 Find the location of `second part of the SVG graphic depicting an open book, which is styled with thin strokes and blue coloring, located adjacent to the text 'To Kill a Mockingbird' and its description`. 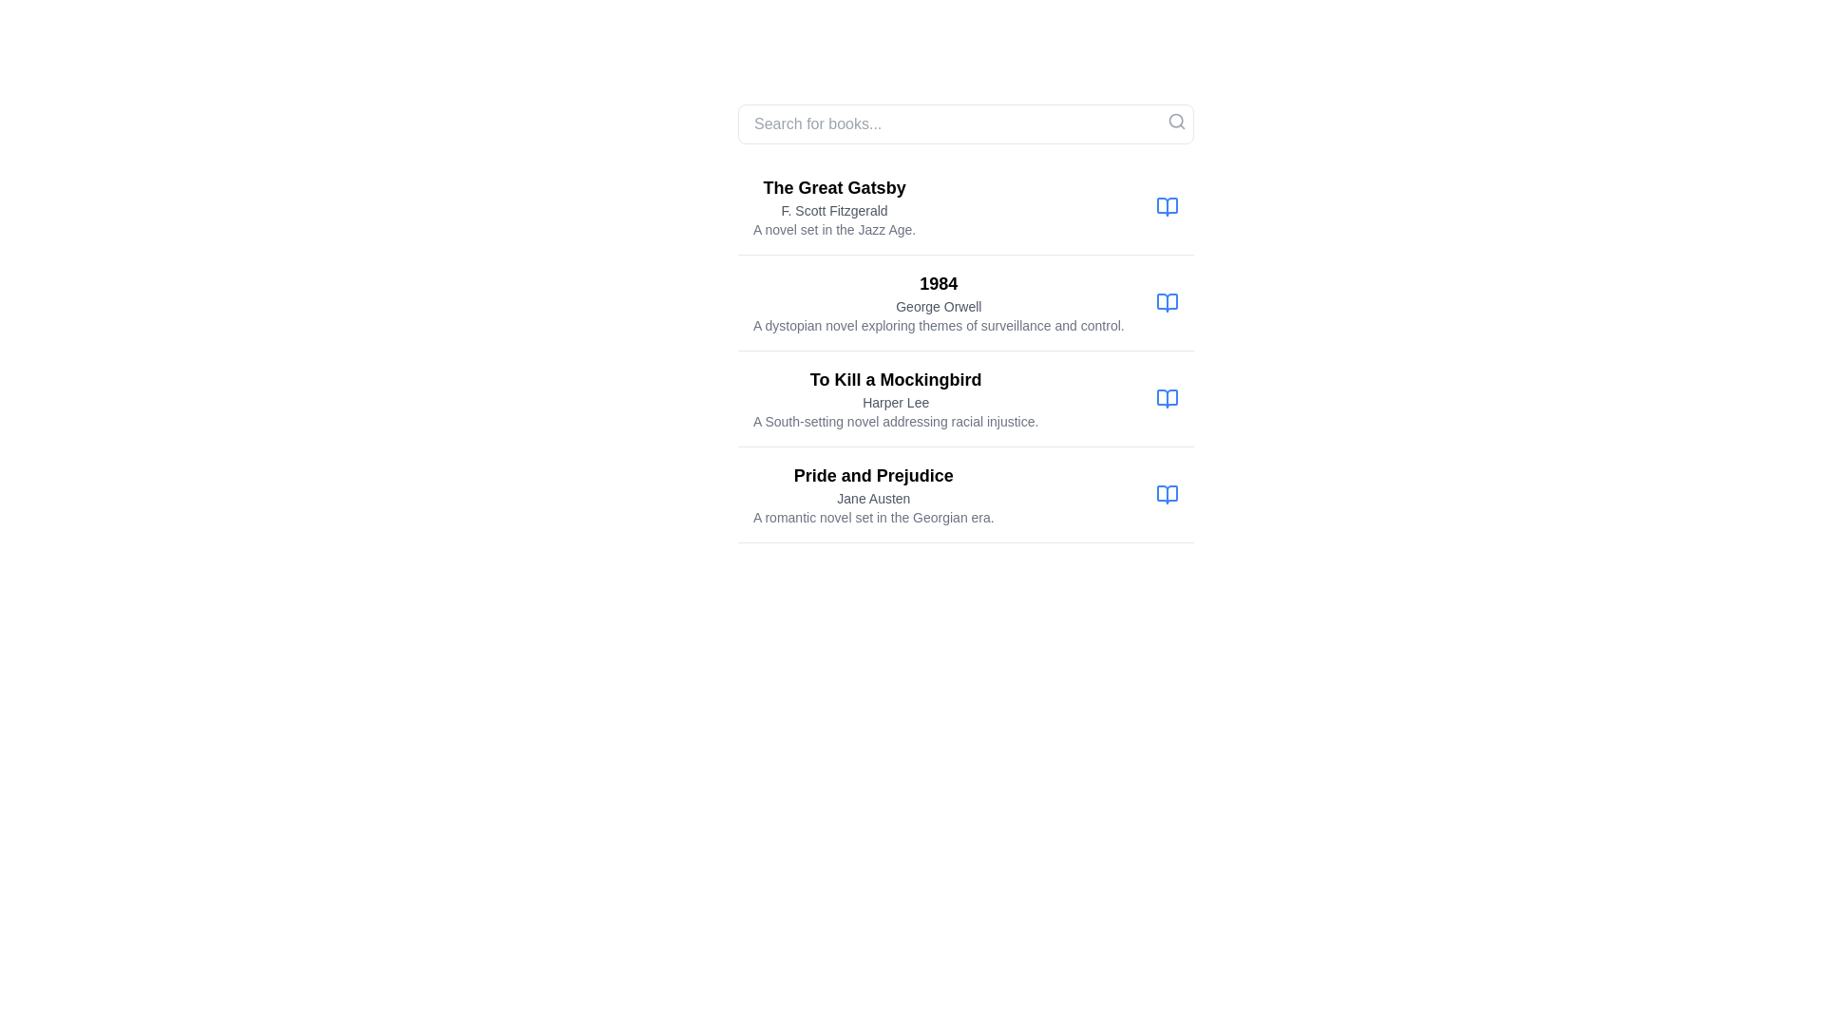

second part of the SVG graphic depicting an open book, which is styled with thin strokes and blue coloring, located adjacent to the text 'To Kill a Mockingbird' and its description is located at coordinates (1166, 398).